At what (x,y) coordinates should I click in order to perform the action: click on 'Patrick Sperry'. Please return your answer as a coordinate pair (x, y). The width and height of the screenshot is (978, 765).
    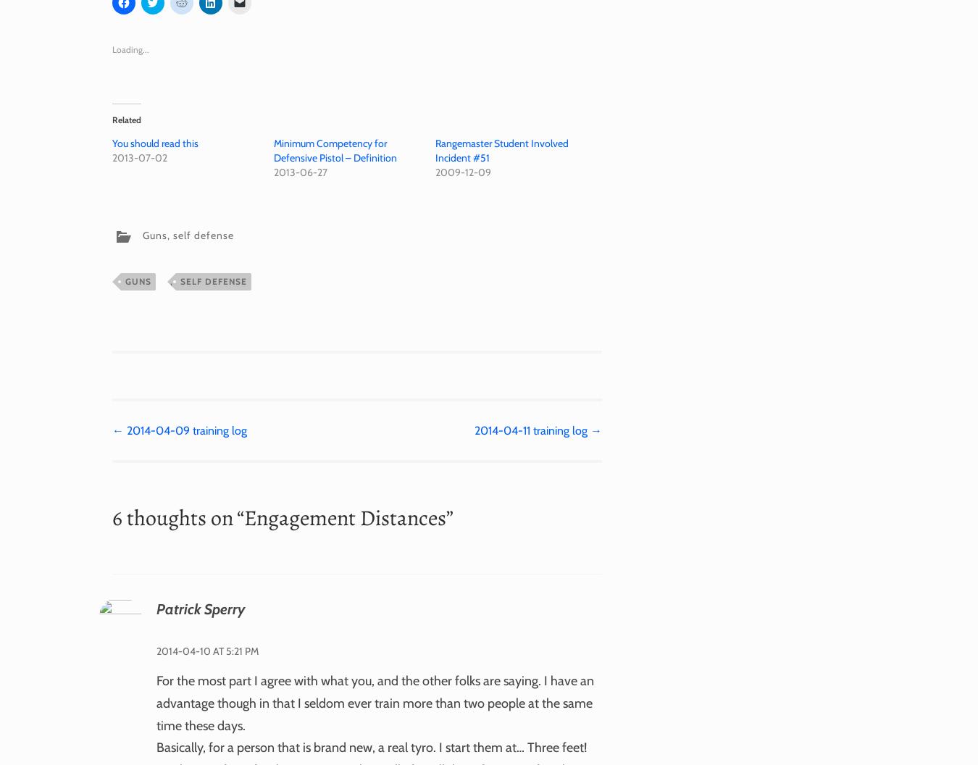
    Looking at the image, I should click on (200, 609).